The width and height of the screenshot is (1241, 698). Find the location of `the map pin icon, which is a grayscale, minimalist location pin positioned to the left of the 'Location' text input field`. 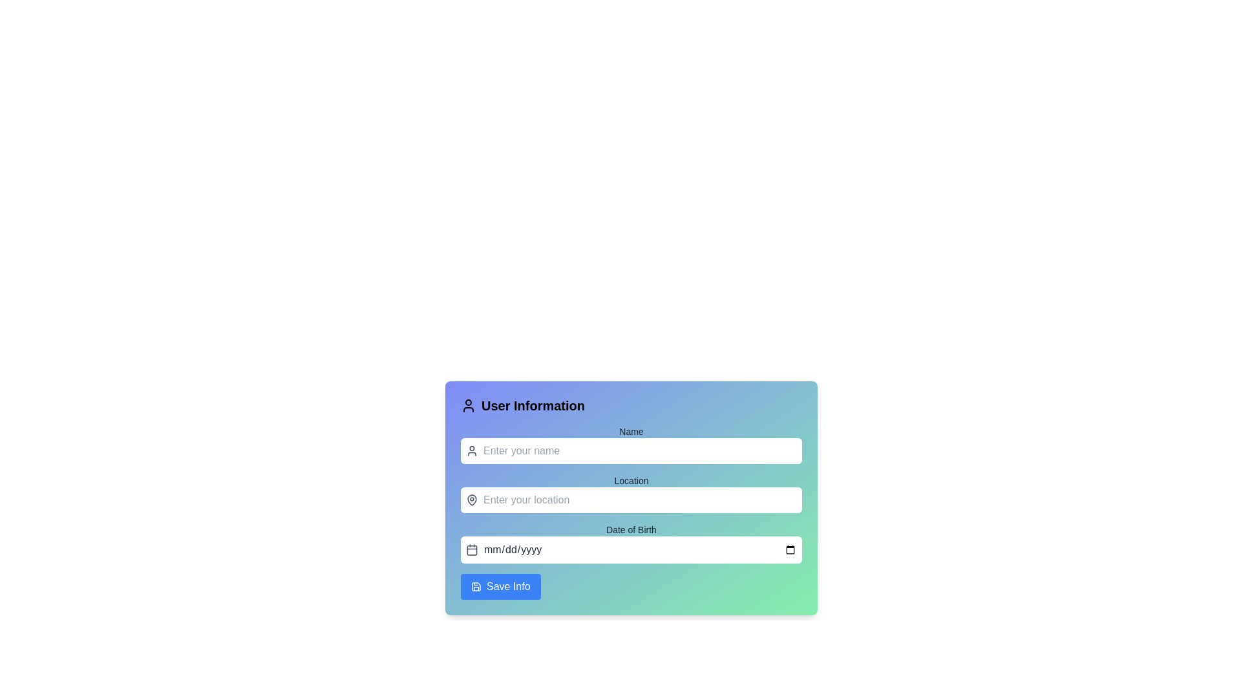

the map pin icon, which is a grayscale, minimalist location pin positioned to the left of the 'Location' text input field is located at coordinates (471, 500).